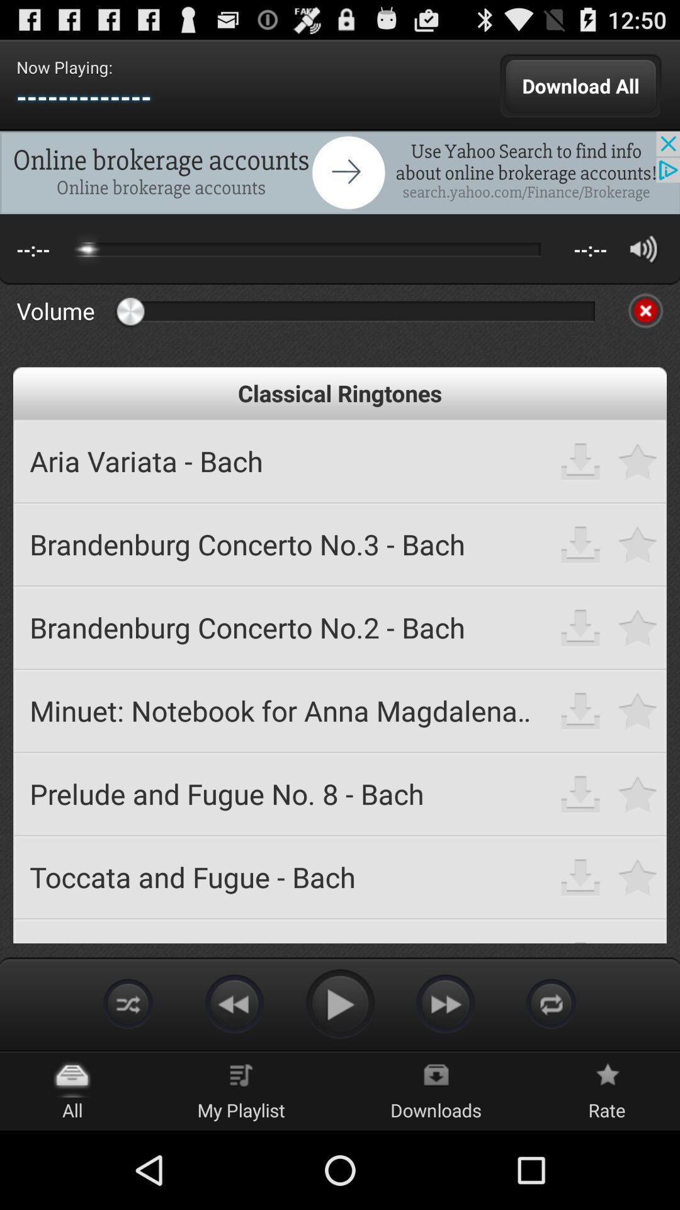 The height and width of the screenshot is (1210, 680). What do you see at coordinates (643, 249) in the screenshot?
I see `adjust volume` at bounding box center [643, 249].